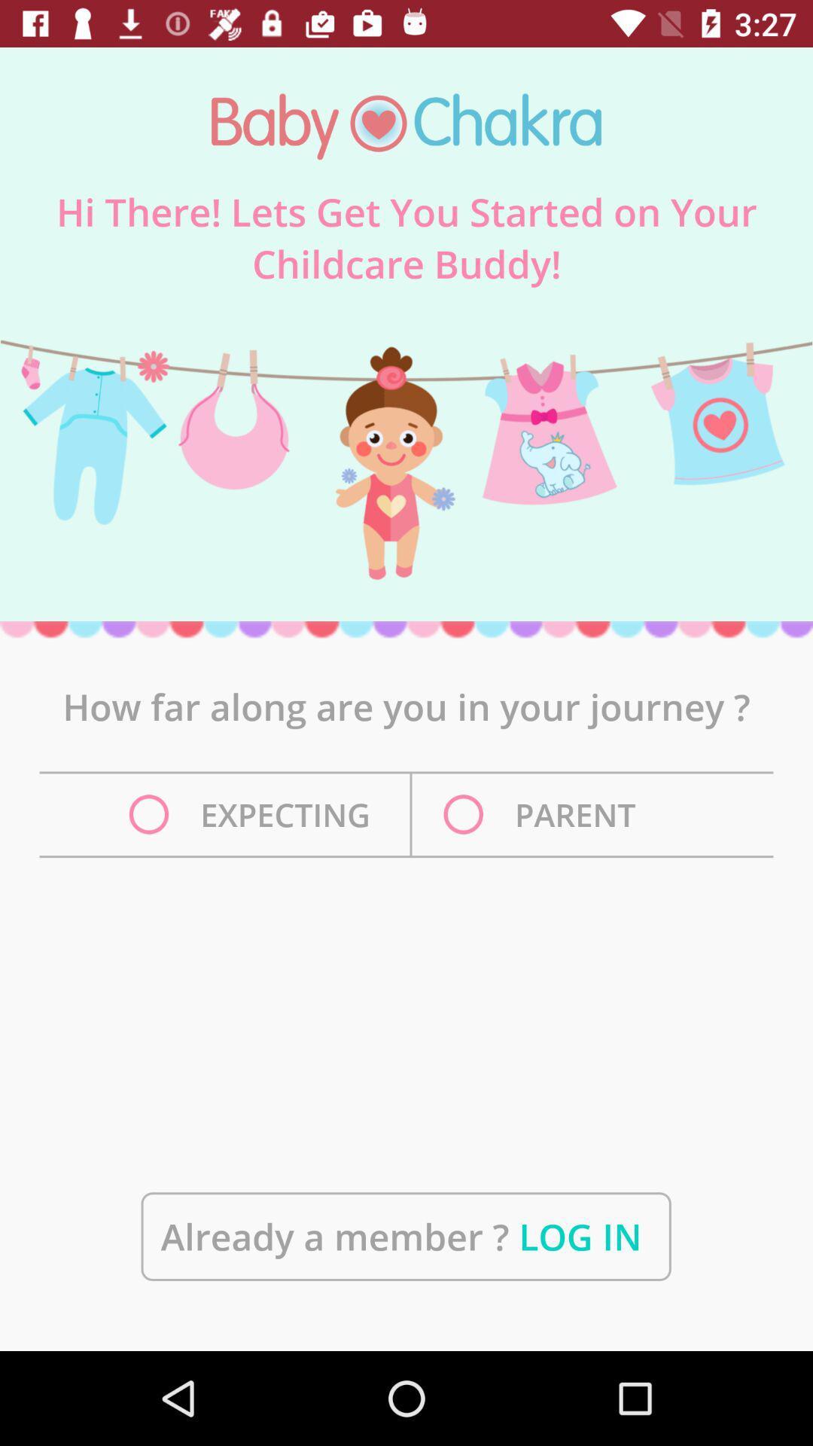 The height and width of the screenshot is (1446, 813). Describe the element at coordinates (253, 813) in the screenshot. I see `the expecting on the left` at that location.